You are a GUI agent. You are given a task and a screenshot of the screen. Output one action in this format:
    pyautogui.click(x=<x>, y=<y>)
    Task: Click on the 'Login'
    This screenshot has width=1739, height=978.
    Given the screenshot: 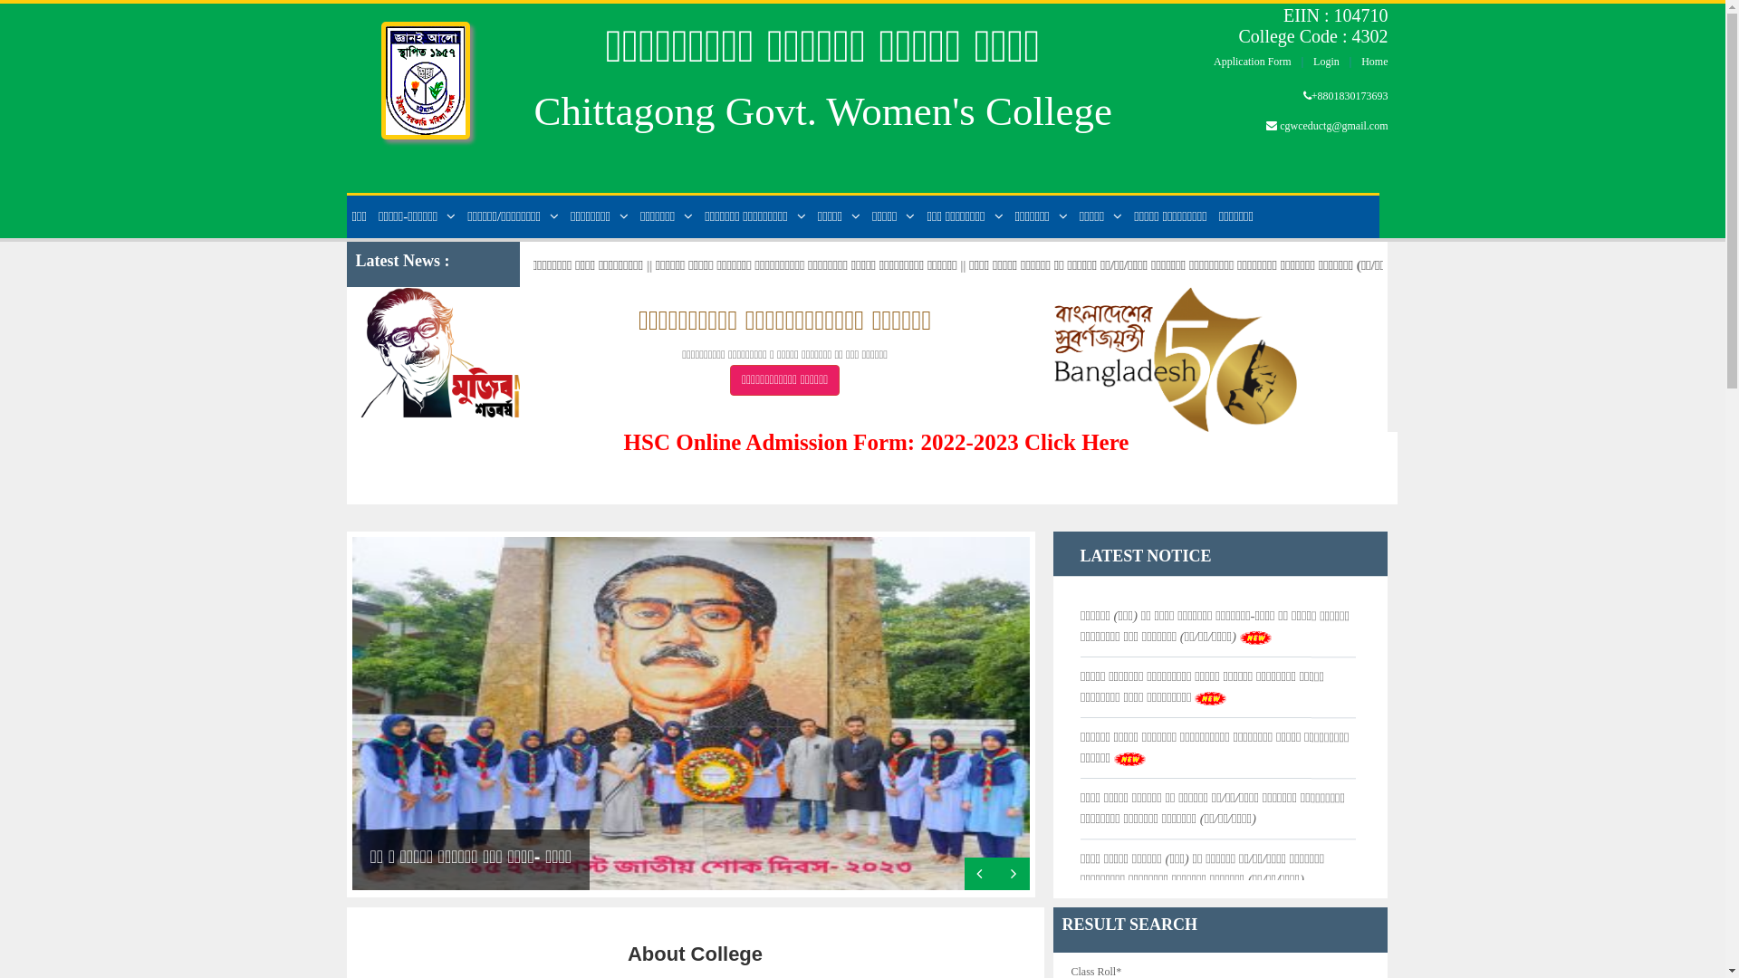 What is the action you would take?
    pyautogui.click(x=1312, y=61)
    